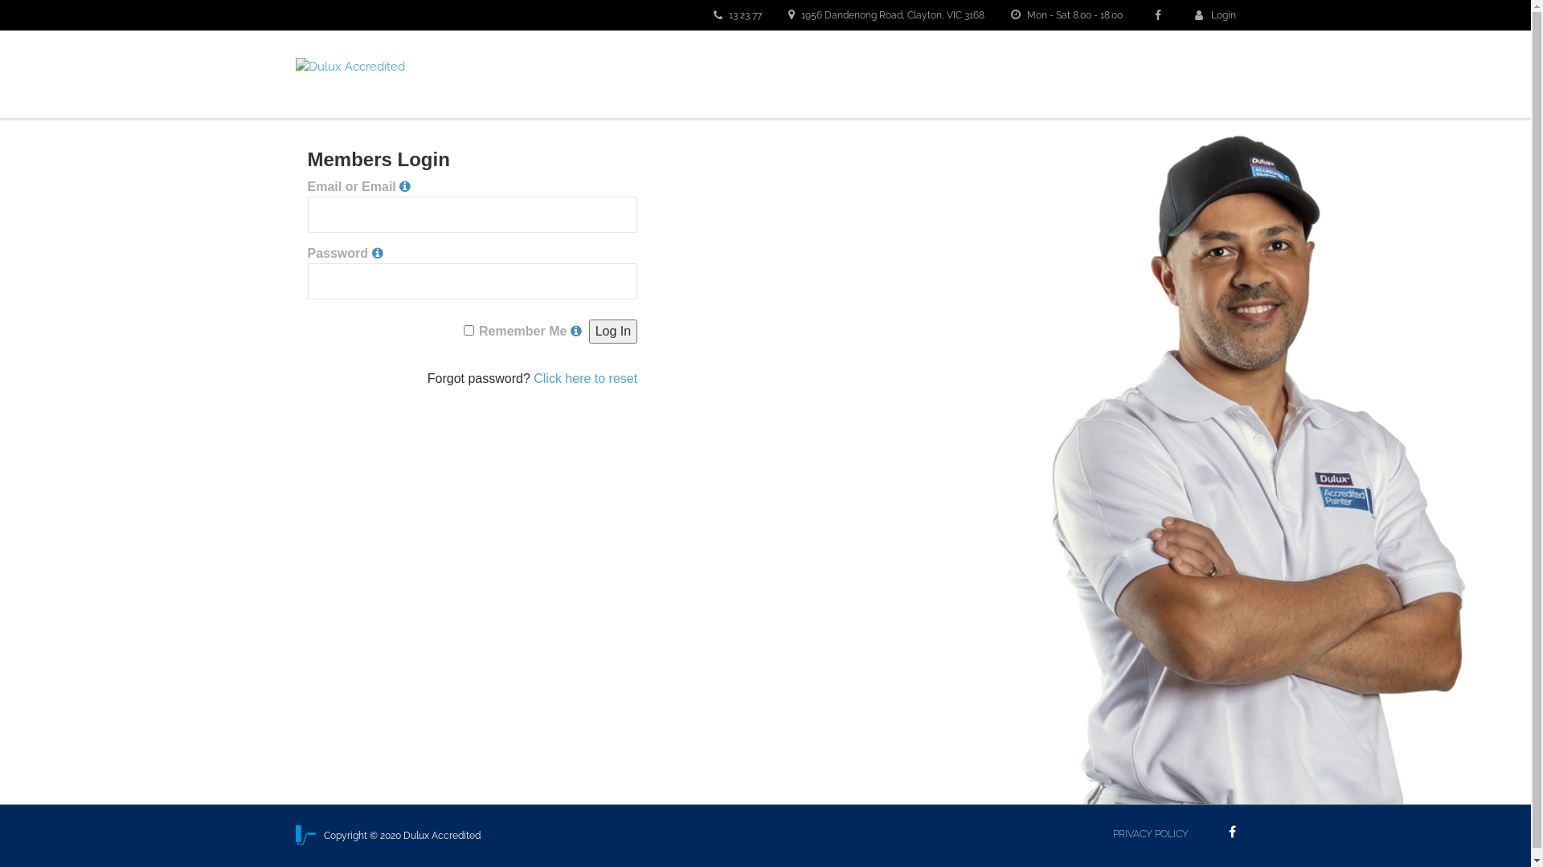 This screenshot has width=1543, height=867. What do you see at coordinates (1148, 832) in the screenshot?
I see `'PRIVACY POLICY'` at bounding box center [1148, 832].